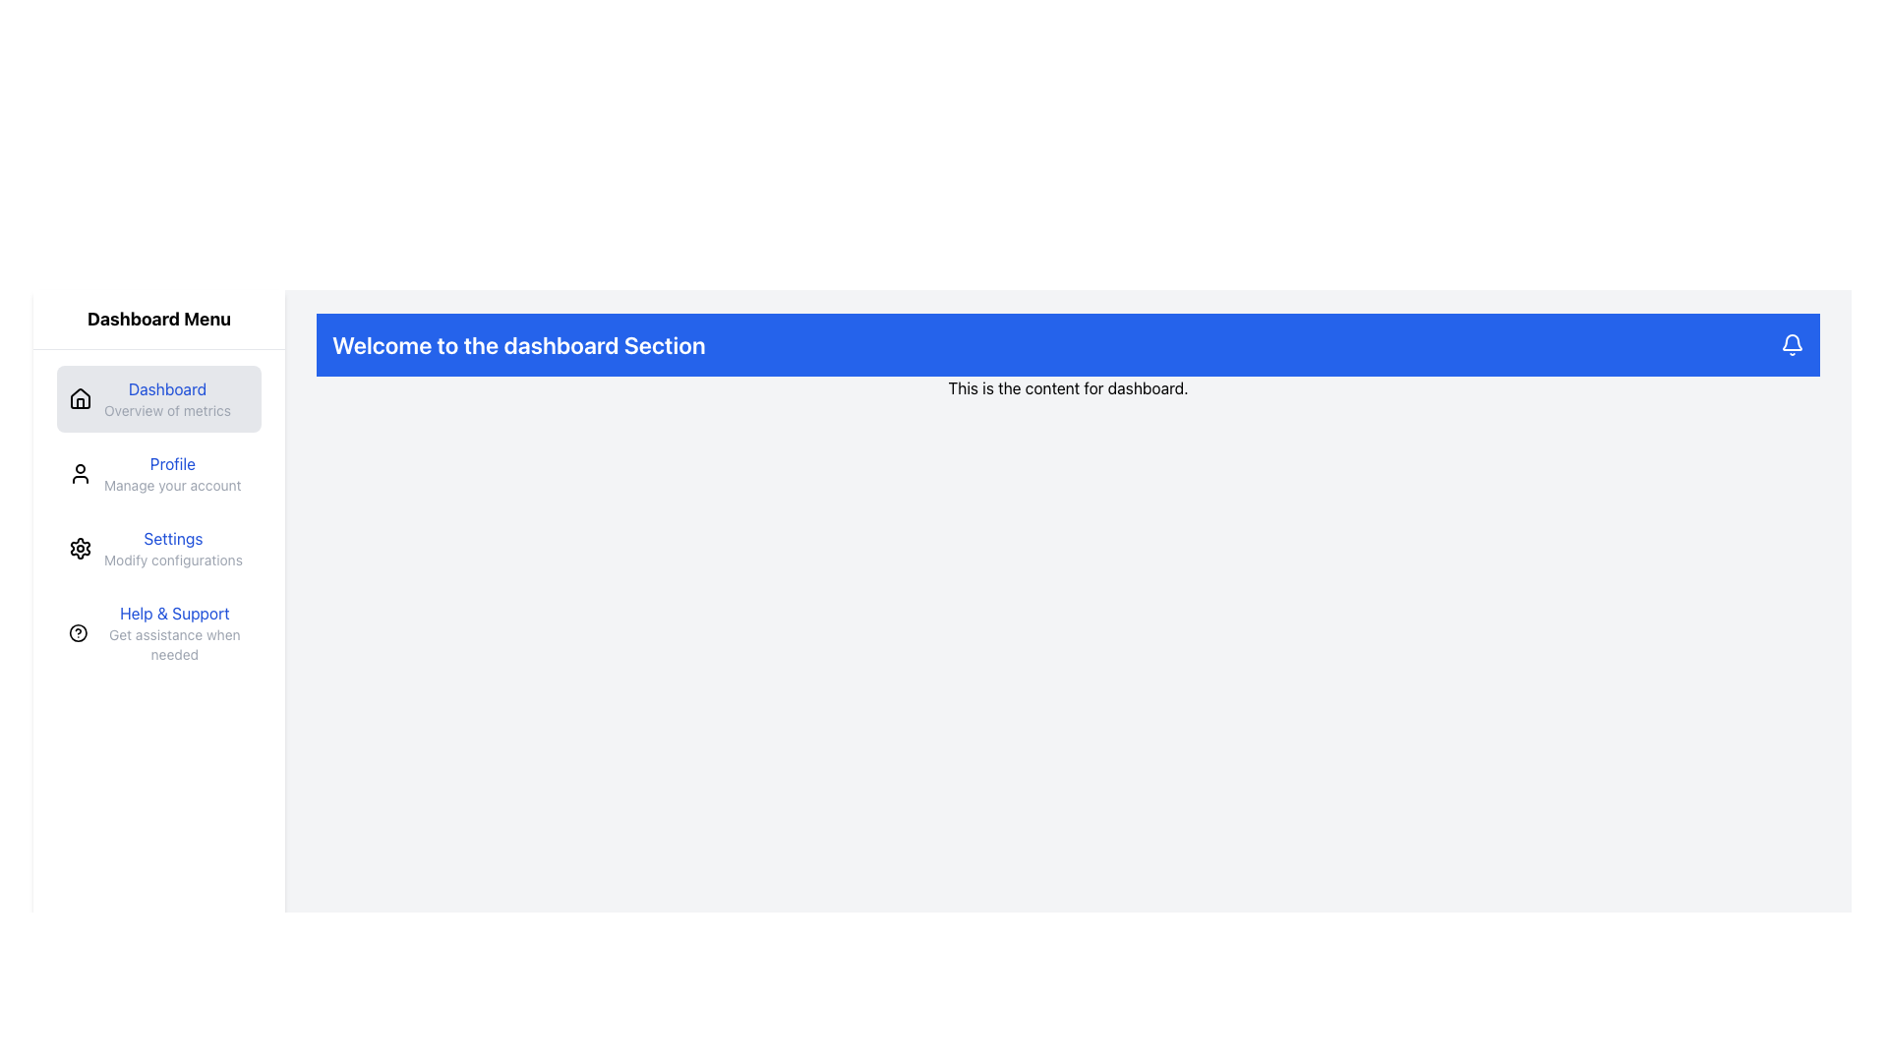  Describe the element at coordinates (159, 318) in the screenshot. I see `the Text Label at the top of the sidebar menu, which serves as the header indicating the purpose of the section below` at that location.